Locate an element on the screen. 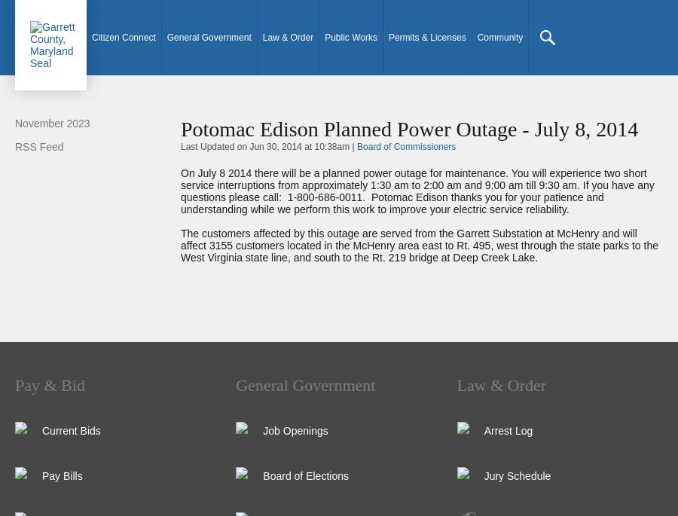 The height and width of the screenshot is (516, 678). 'Public Works' is located at coordinates (325, 38).